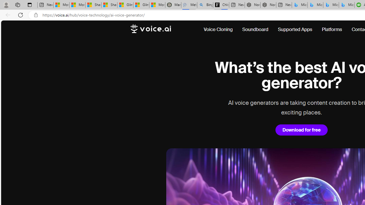 This screenshot has height=205, width=365. Describe the element at coordinates (255, 30) in the screenshot. I see `'Soundboard'` at that location.